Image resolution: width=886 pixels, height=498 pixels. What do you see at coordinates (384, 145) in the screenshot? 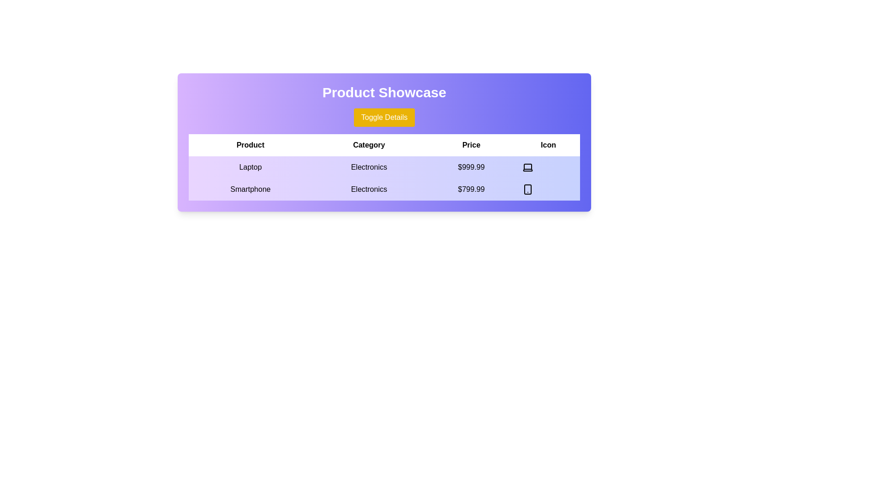
I see `text of the 'Category' column header, which is the second header in the top row of a table, located between the 'Product' and 'Price' headers` at bounding box center [384, 145].